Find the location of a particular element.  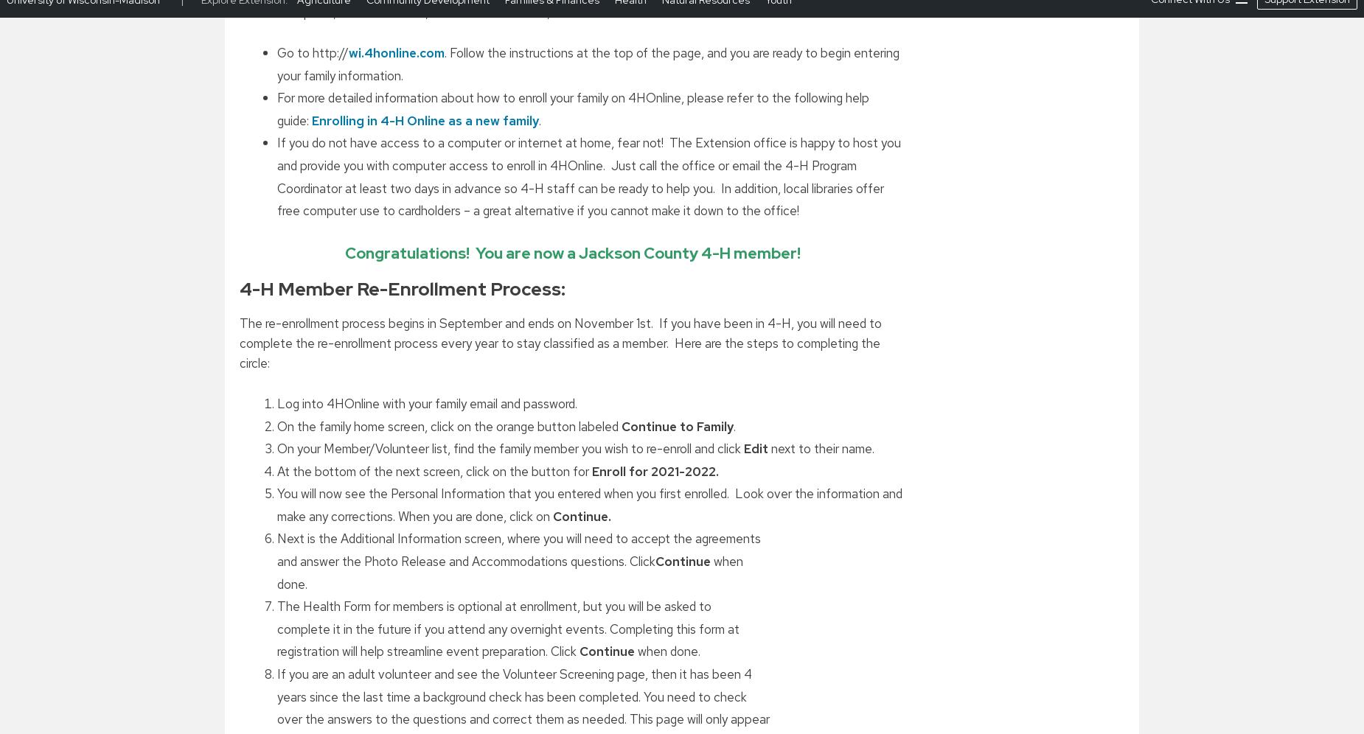

'On the Participation →Club Screen, confirm the correct club is listed. If you serve in a' is located at coordinates (511, 49).